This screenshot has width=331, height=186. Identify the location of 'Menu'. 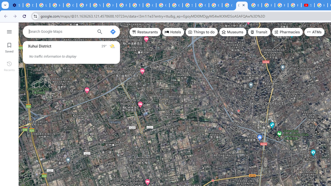
(9, 31).